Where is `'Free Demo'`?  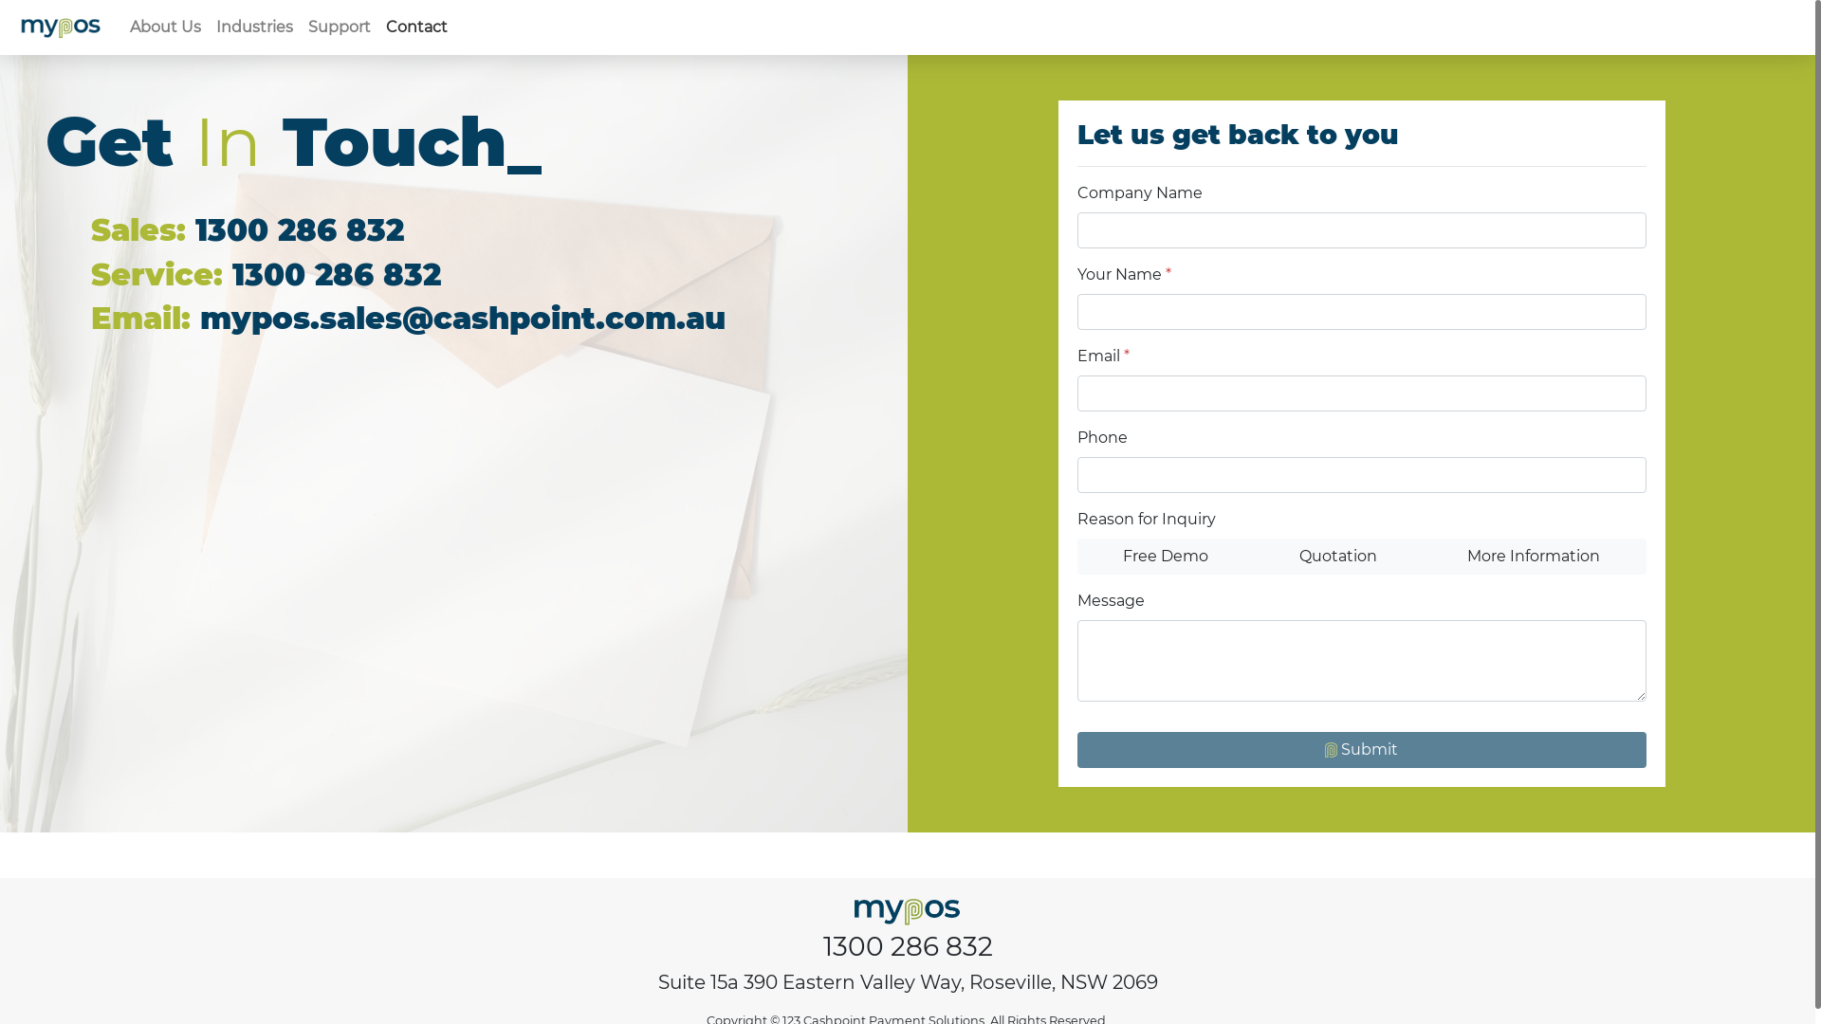
'Free Demo' is located at coordinates (1165, 555).